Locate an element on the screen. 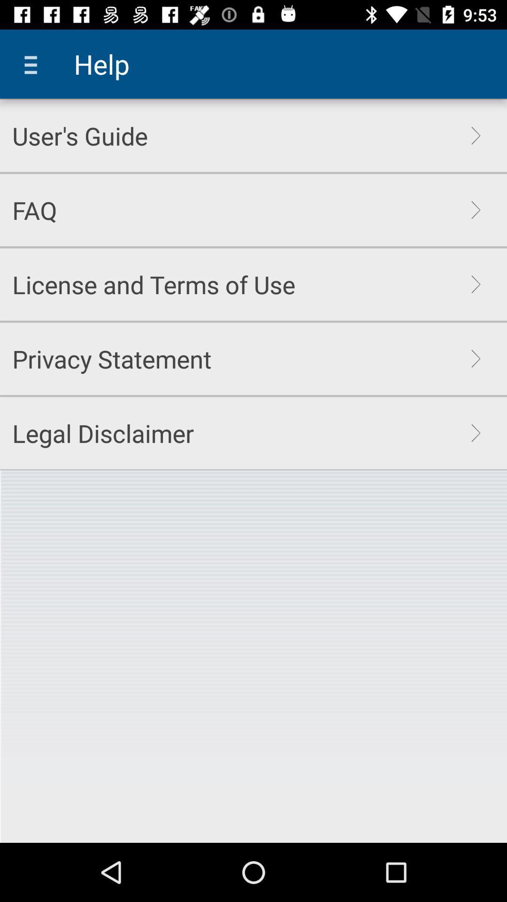 The image size is (507, 902). the faq icon is located at coordinates (34, 210).